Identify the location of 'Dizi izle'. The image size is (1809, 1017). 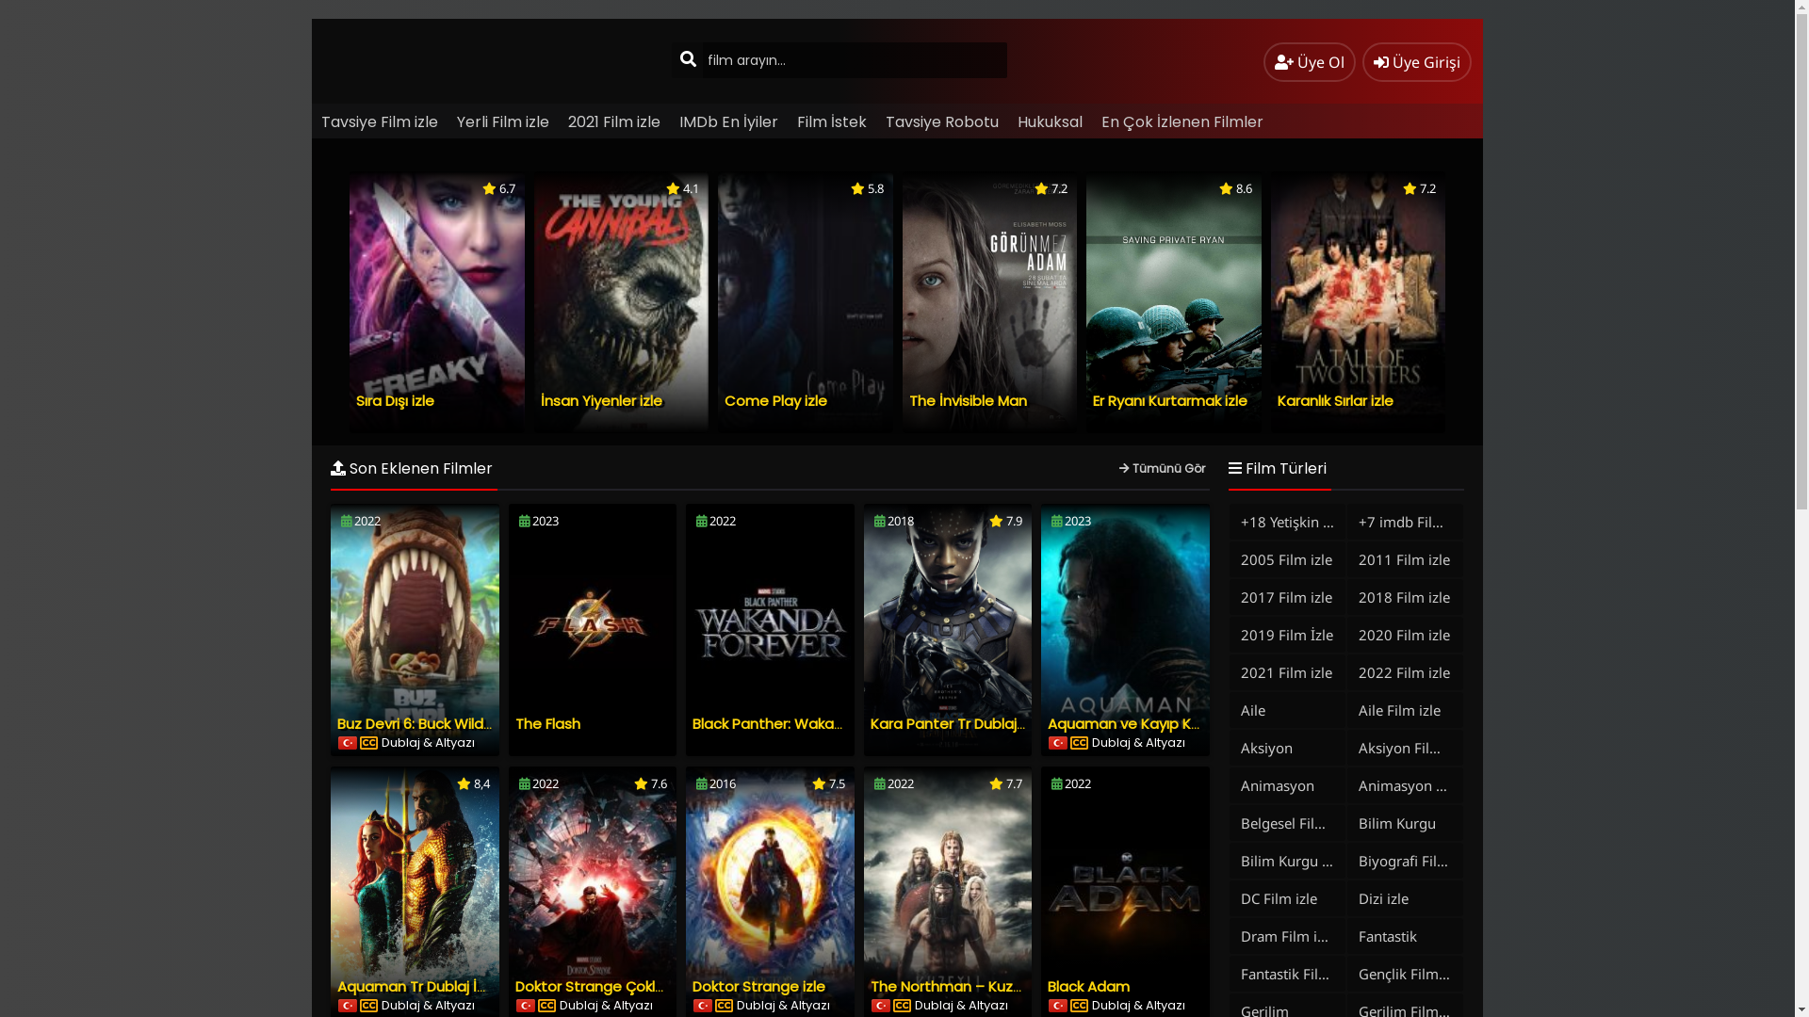
(1405, 896).